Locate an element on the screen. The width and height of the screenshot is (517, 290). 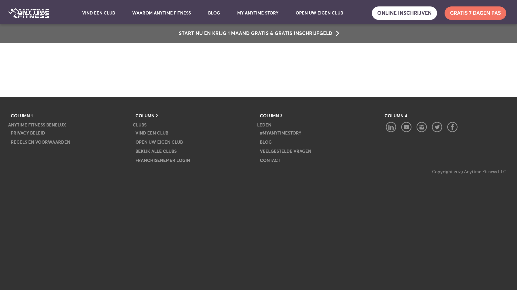
'VIND EEN CLUB' is located at coordinates (98, 13).